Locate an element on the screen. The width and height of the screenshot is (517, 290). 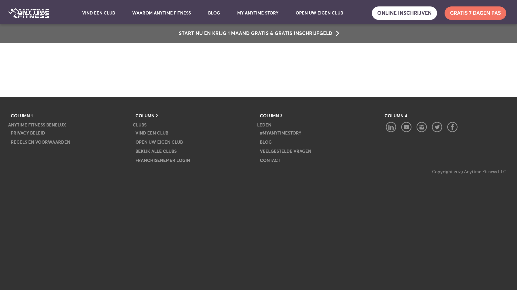
'VIND EEN CLUB' is located at coordinates (98, 13).